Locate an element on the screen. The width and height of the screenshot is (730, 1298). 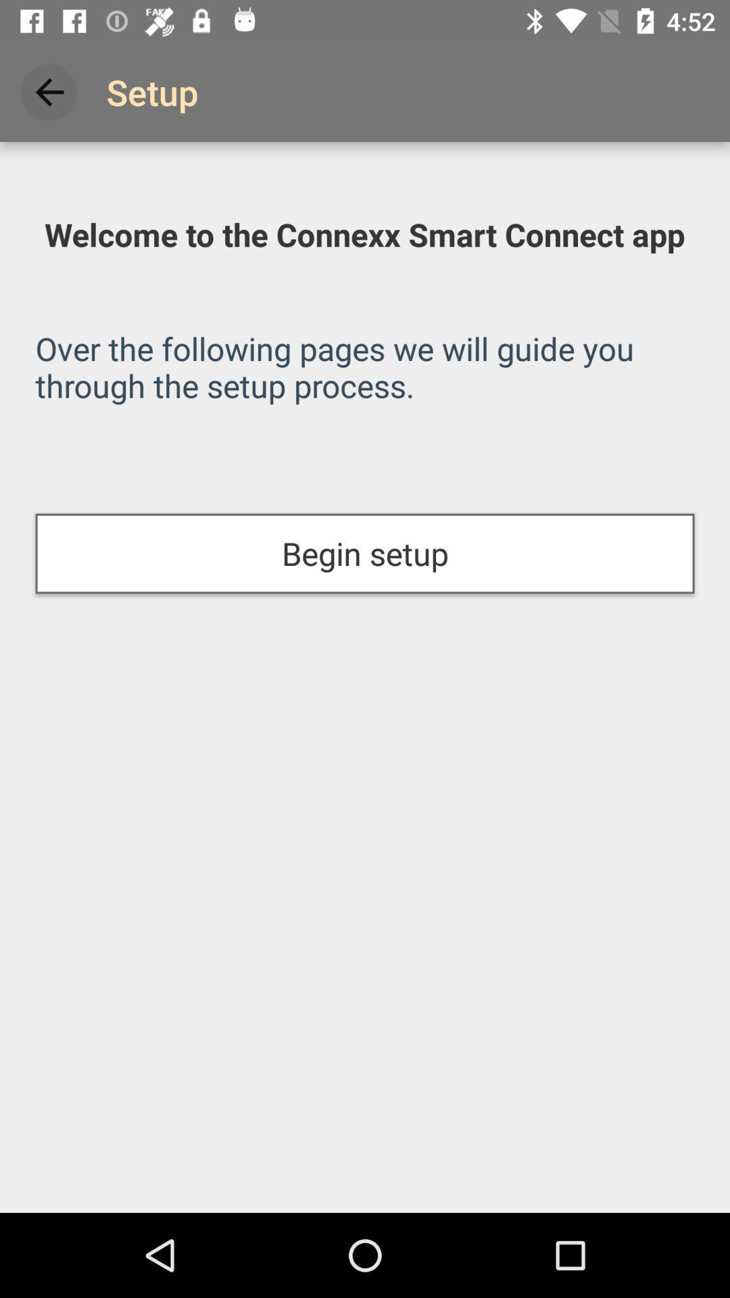
the icon to the left of the setup icon is located at coordinates (49, 91).